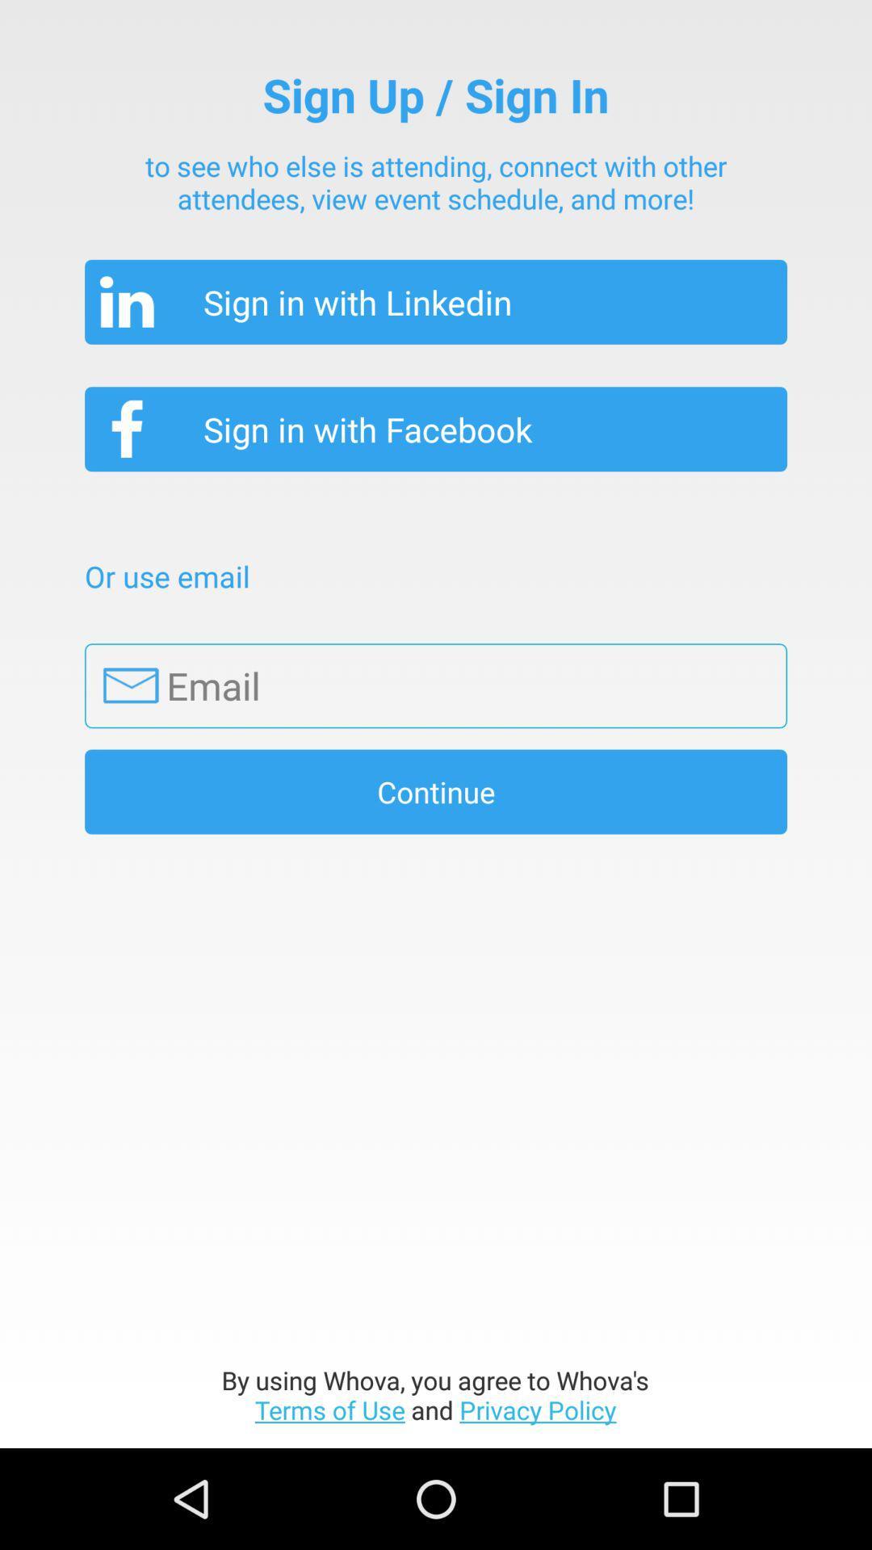 Image resolution: width=872 pixels, height=1550 pixels. Describe the element at coordinates (436, 791) in the screenshot. I see `continue` at that location.